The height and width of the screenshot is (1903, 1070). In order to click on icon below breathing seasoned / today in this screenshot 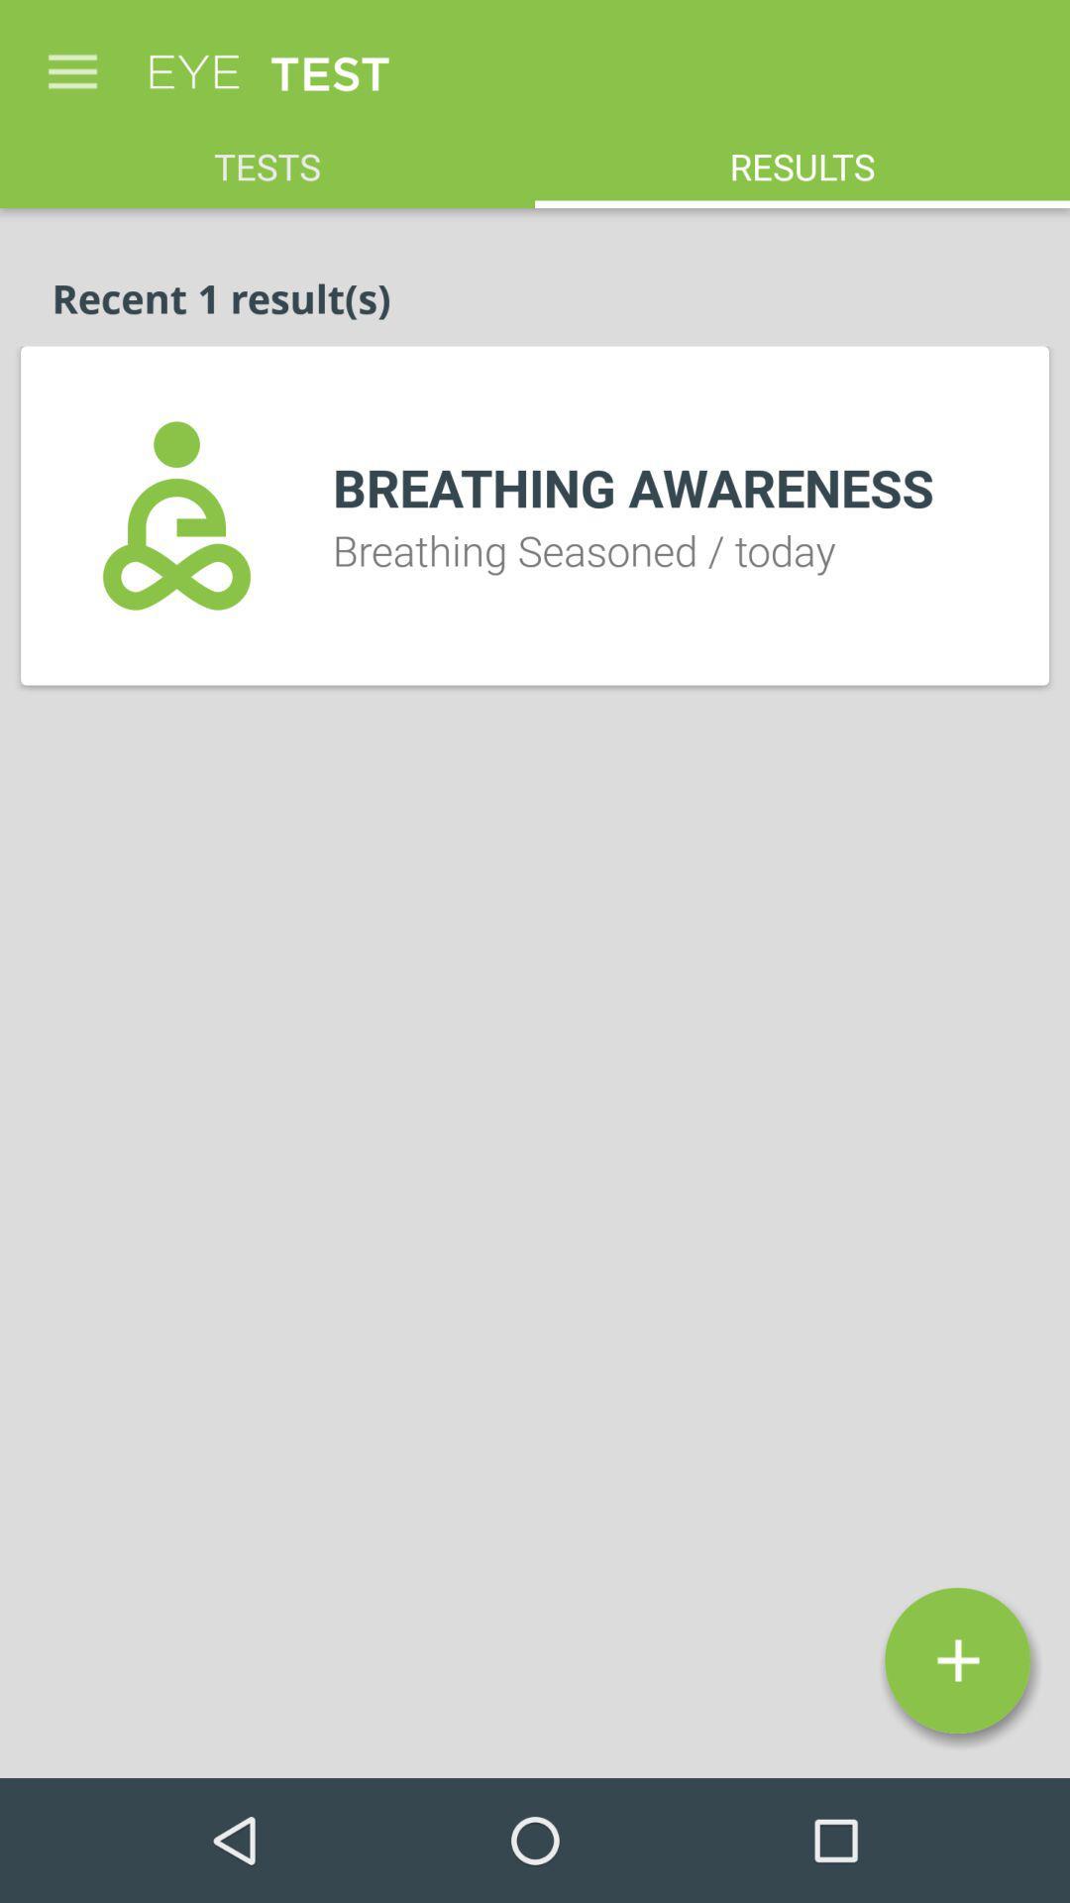, I will do `click(956, 1660)`.